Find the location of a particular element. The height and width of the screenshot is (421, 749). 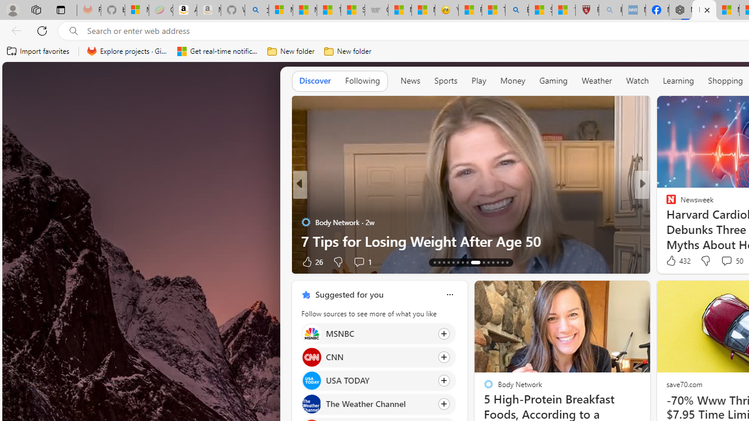

'451 Like' is located at coordinates (674, 261).